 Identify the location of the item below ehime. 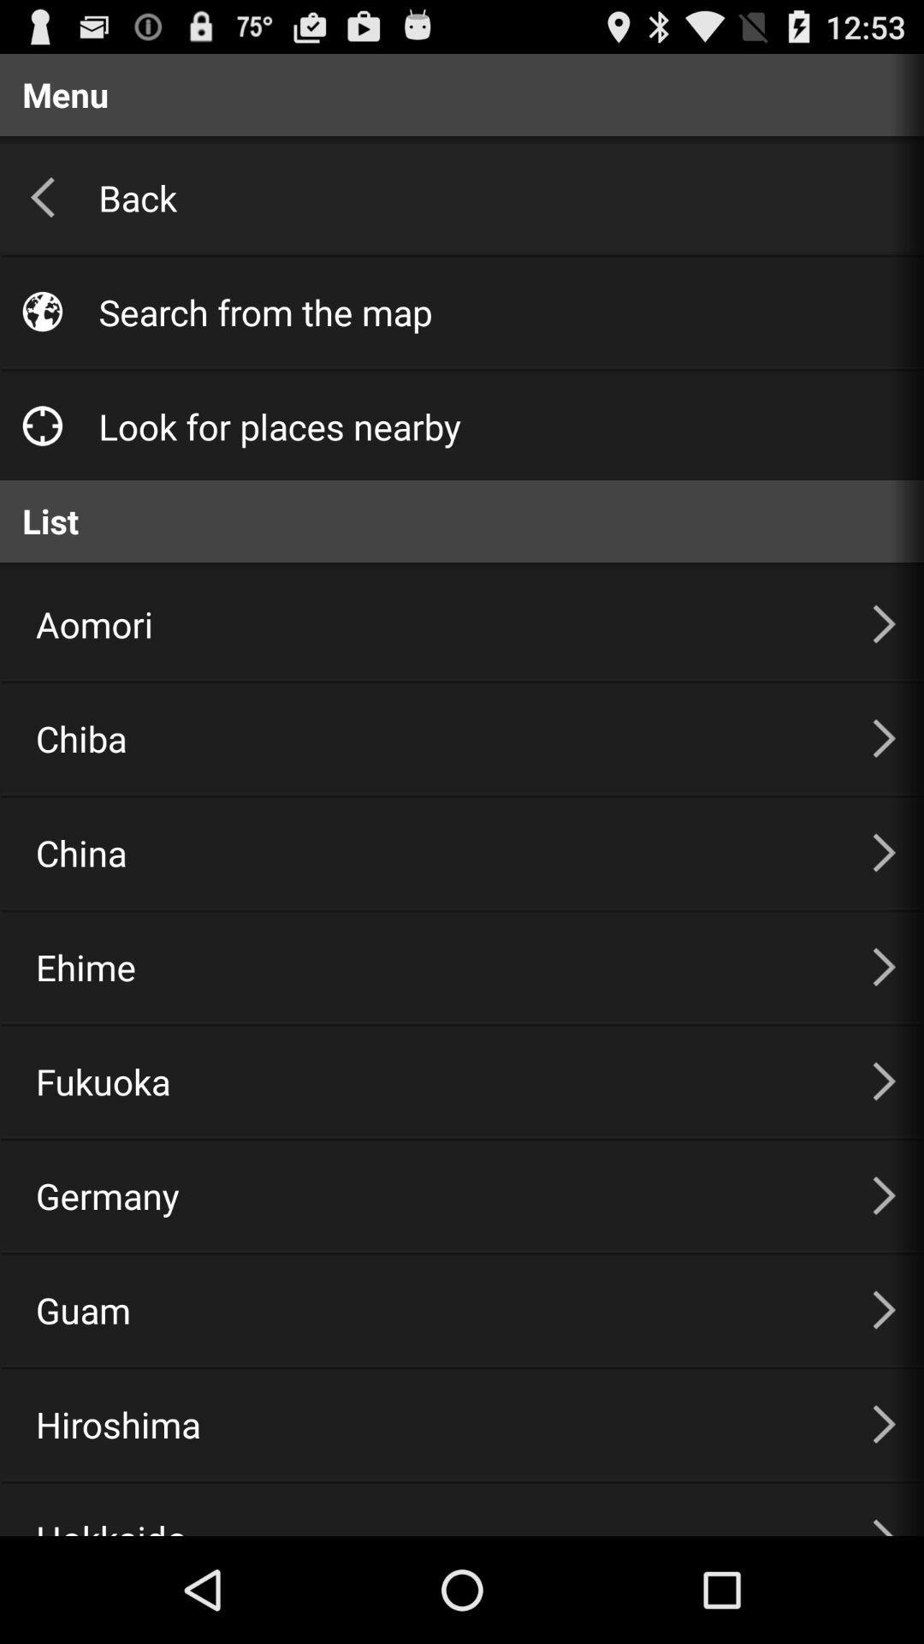
(432, 1080).